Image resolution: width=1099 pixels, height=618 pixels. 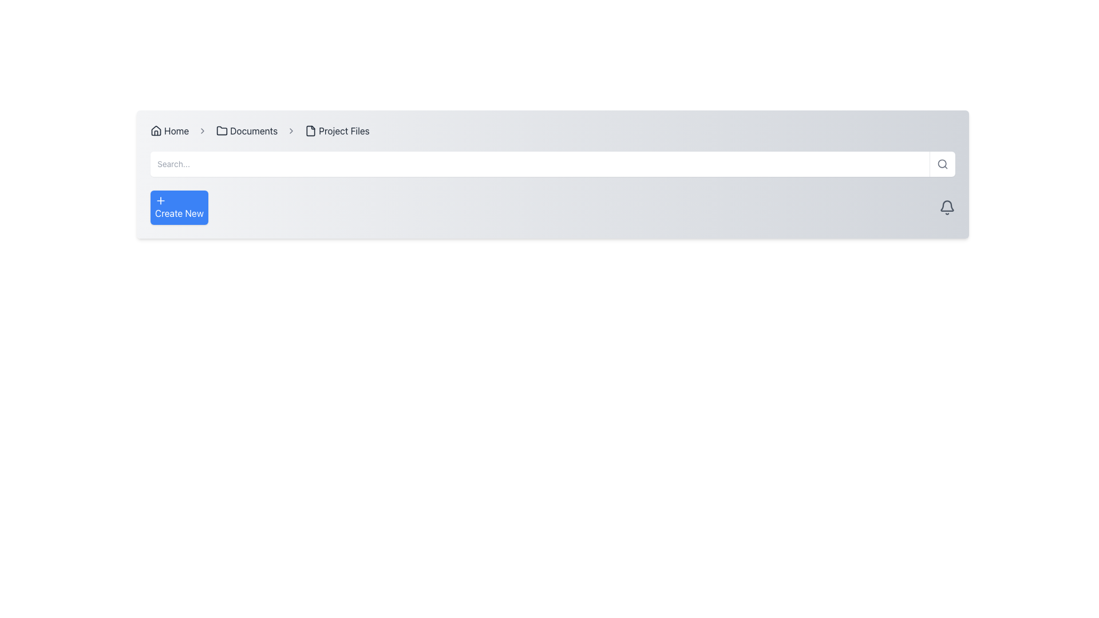 I want to click on the 'Documents' breadcrumb navigational link, which is the second item in the breadcrumb navigation component, located between 'Home' and 'Project Files', so click(x=246, y=130).